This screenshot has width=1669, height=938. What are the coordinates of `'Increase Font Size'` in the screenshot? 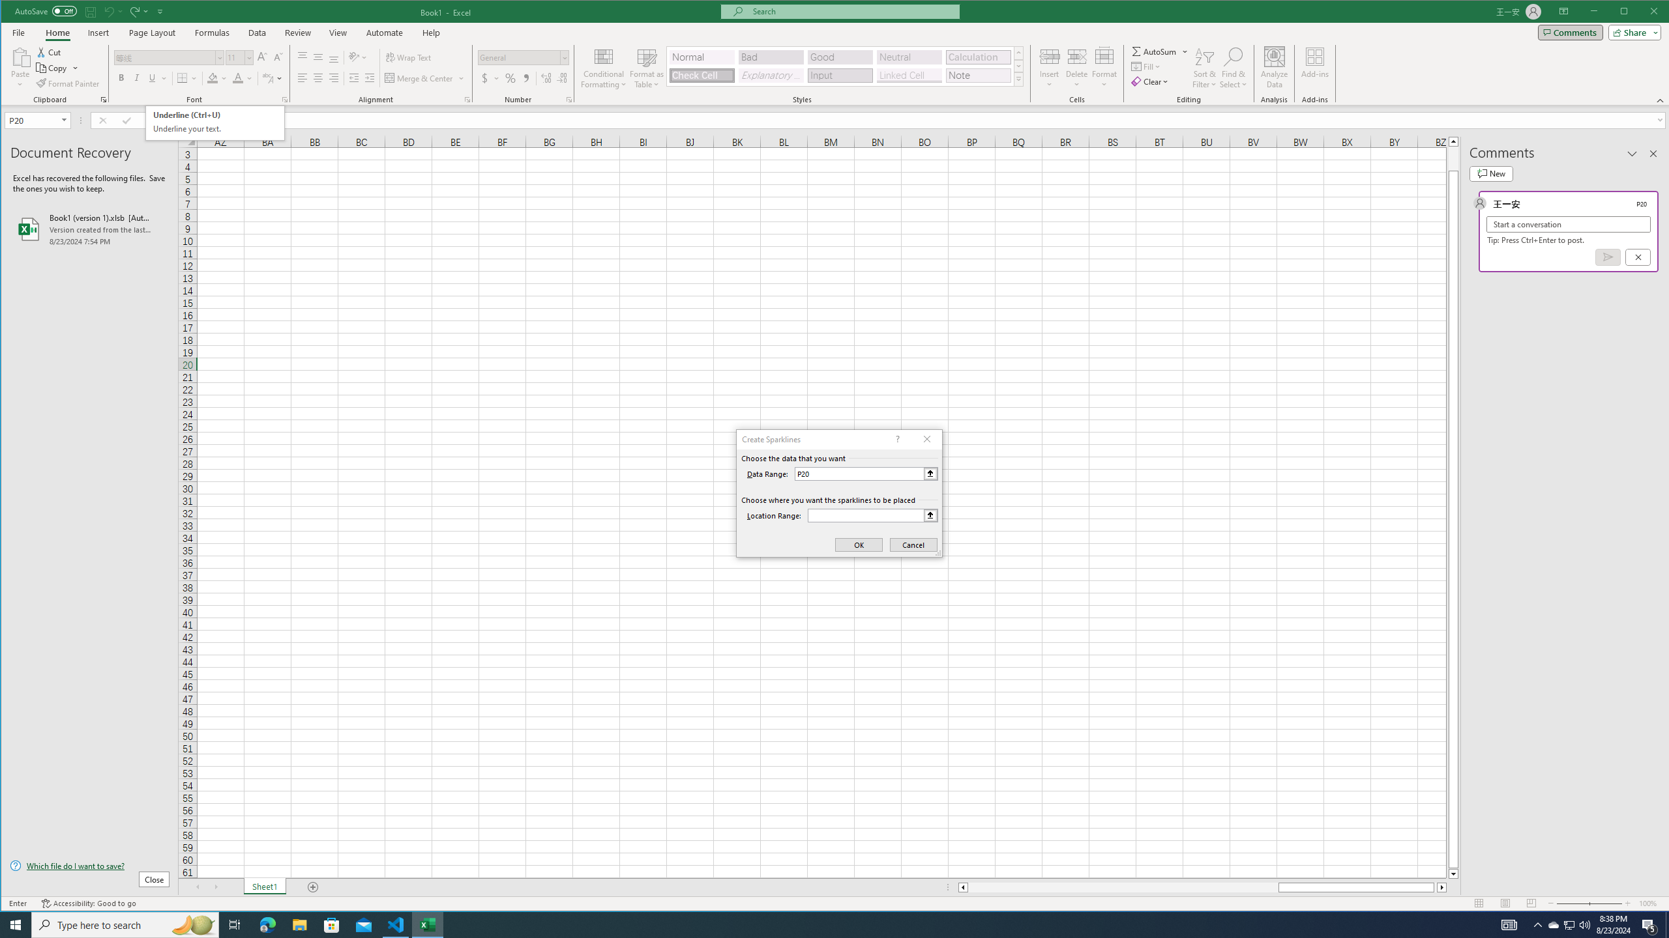 It's located at (261, 57).